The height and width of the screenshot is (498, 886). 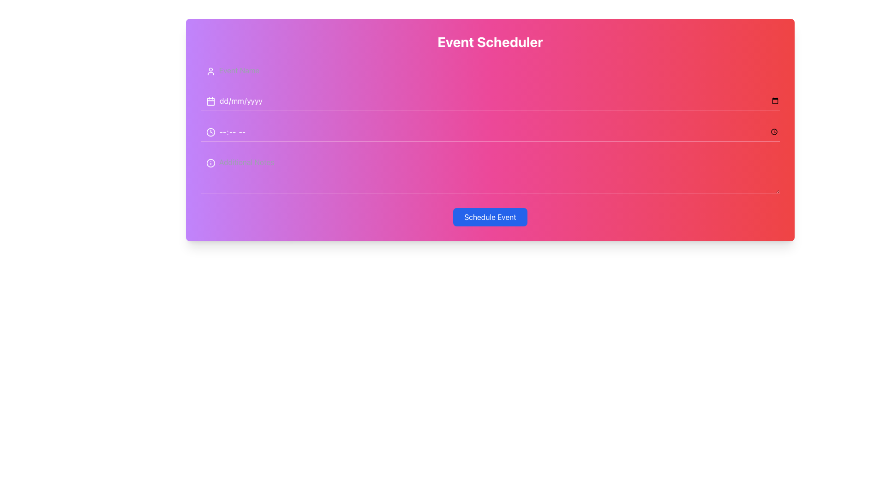 I want to click on the icon that displays additional information related to the 'Additional Notes' field, located to the left of the 'Additional Notes' text field, so click(x=210, y=163).